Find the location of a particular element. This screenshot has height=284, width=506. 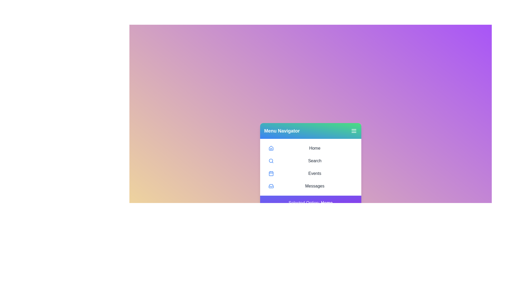

the menu item Home from the menu is located at coordinates (310, 148).